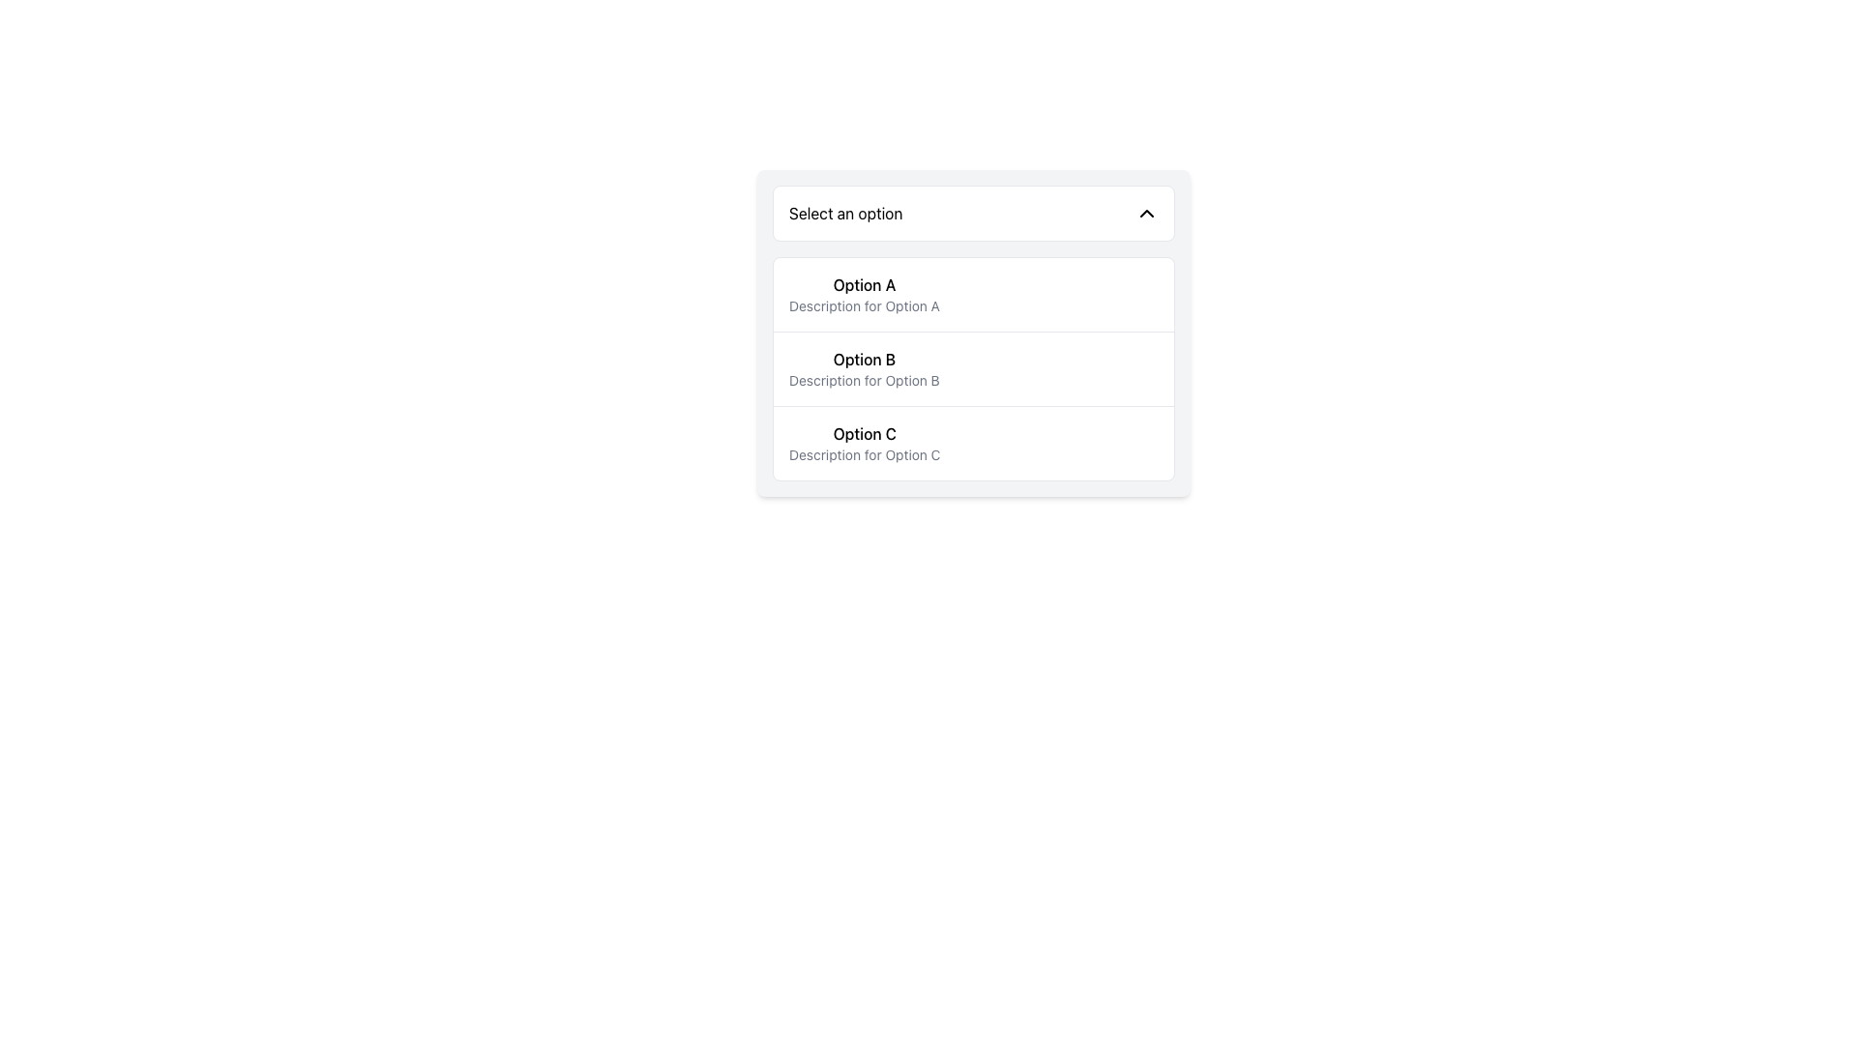 The width and height of the screenshot is (1857, 1044). Describe the element at coordinates (1146, 213) in the screenshot. I see `the chevron-up icon located to the right of the 'Select an option' text` at that location.